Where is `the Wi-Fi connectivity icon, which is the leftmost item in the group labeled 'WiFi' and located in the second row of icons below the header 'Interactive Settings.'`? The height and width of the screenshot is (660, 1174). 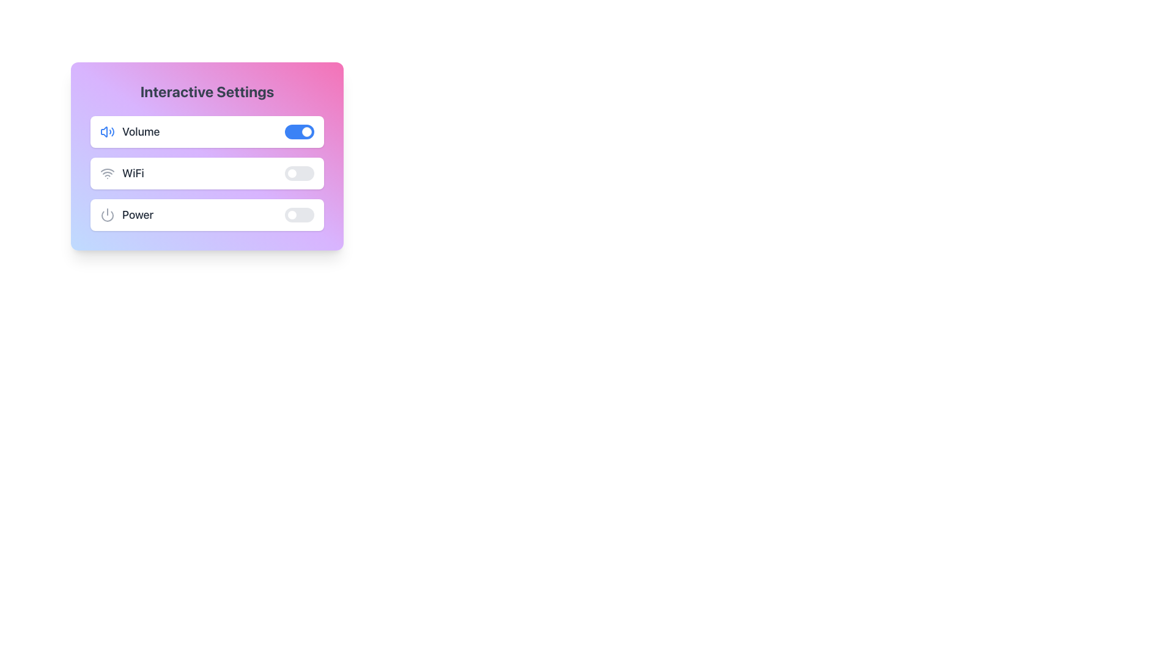 the Wi-Fi connectivity icon, which is the leftmost item in the group labeled 'WiFi' and located in the second row of icons below the header 'Interactive Settings.' is located at coordinates (108, 174).